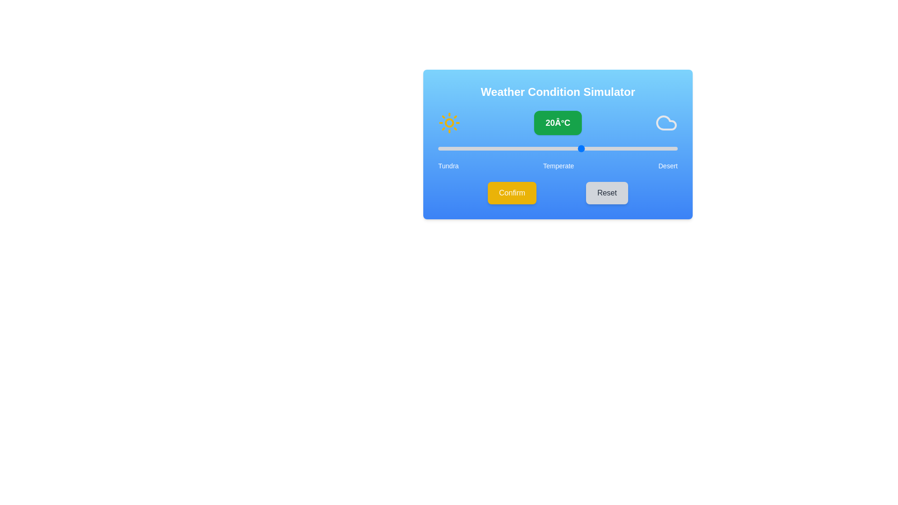  Describe the element at coordinates (607, 192) in the screenshot. I see `'Reset' button to reset the weather condition simulator` at that location.